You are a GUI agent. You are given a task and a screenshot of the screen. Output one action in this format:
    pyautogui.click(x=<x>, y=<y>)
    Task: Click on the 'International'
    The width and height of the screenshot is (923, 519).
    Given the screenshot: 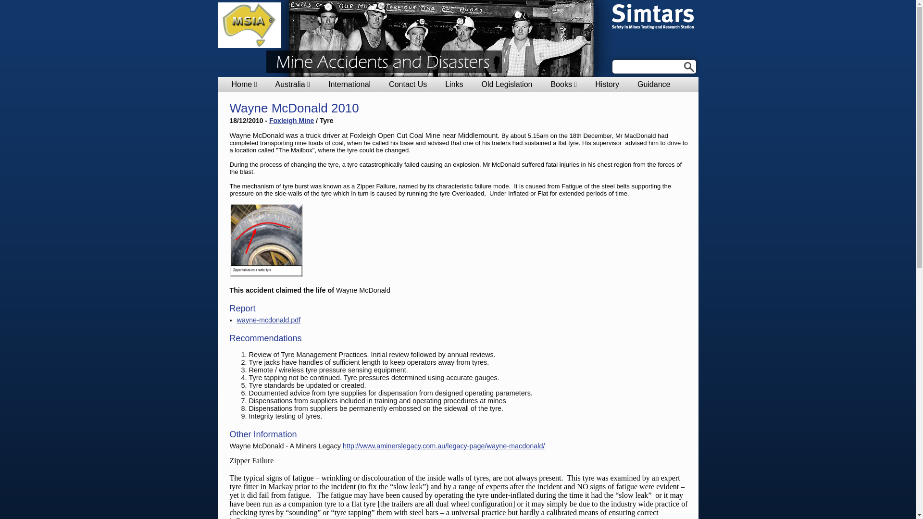 What is the action you would take?
    pyautogui.click(x=349, y=84)
    